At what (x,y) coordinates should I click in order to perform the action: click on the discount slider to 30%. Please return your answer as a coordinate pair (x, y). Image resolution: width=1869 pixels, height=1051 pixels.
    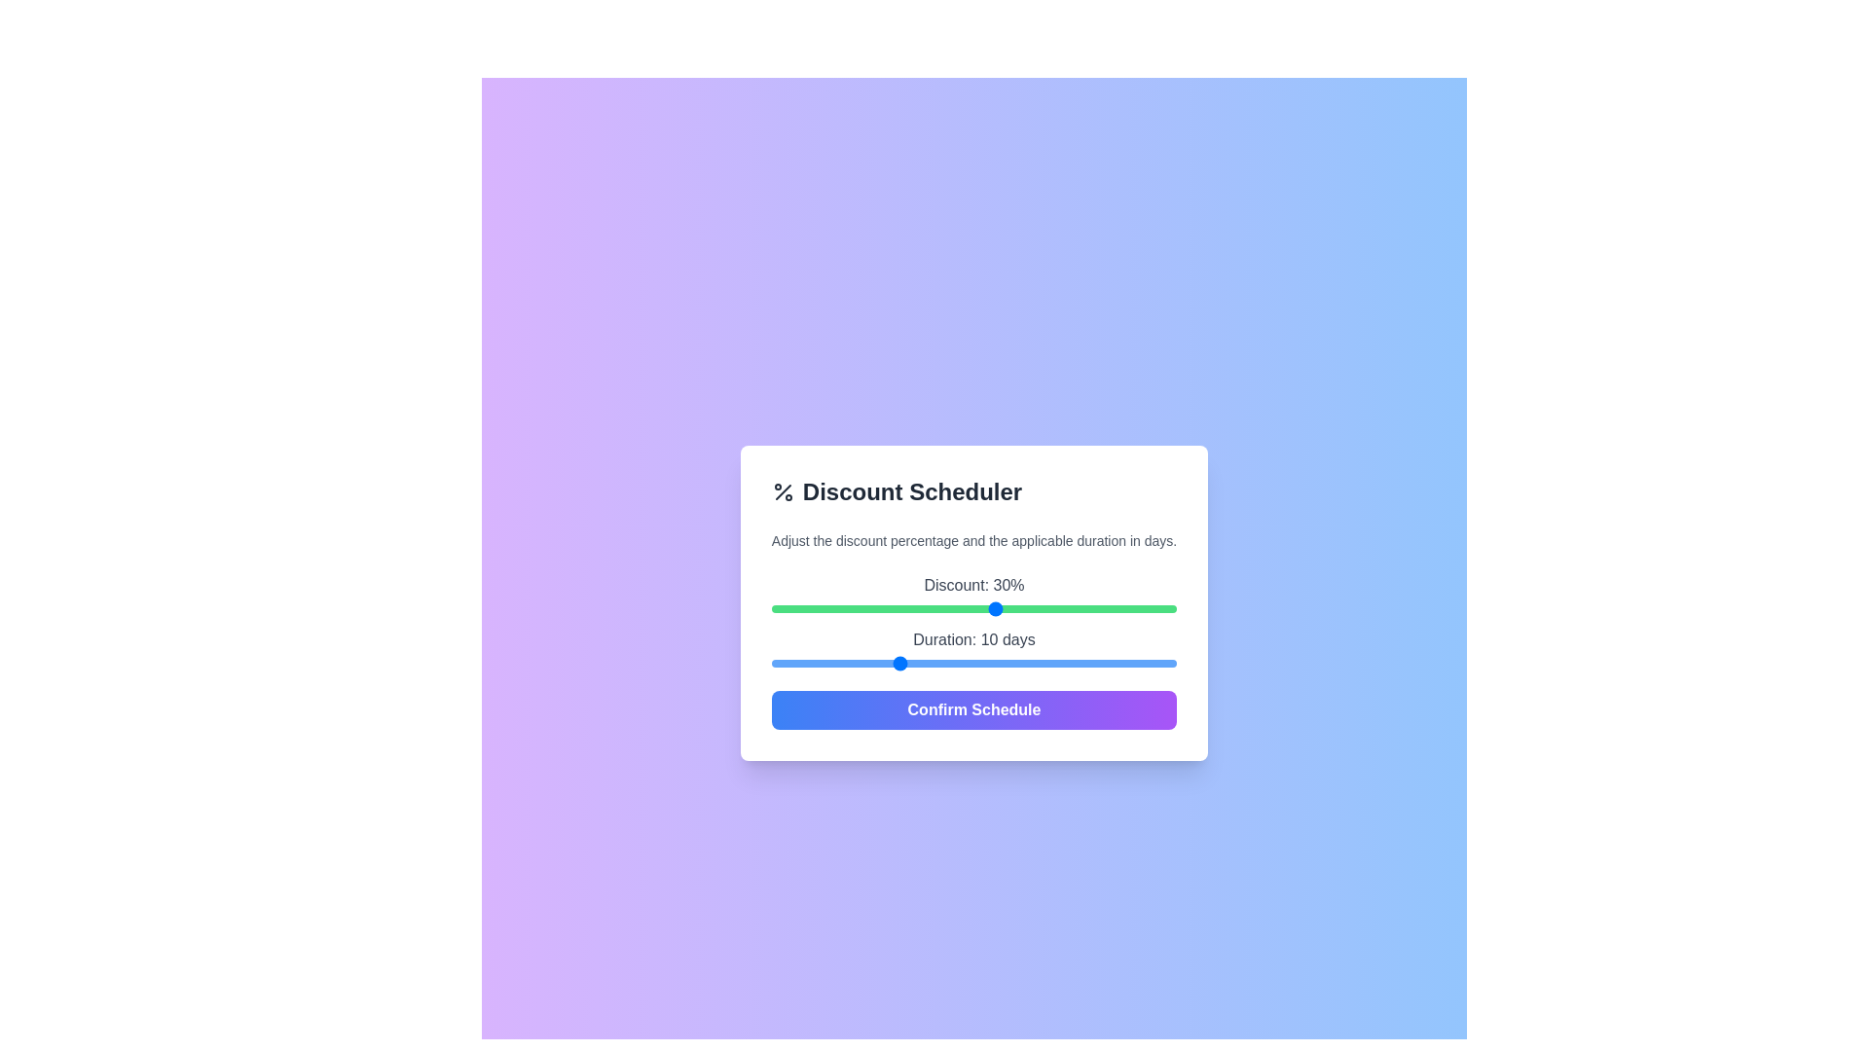
    Looking at the image, I should click on (997, 607).